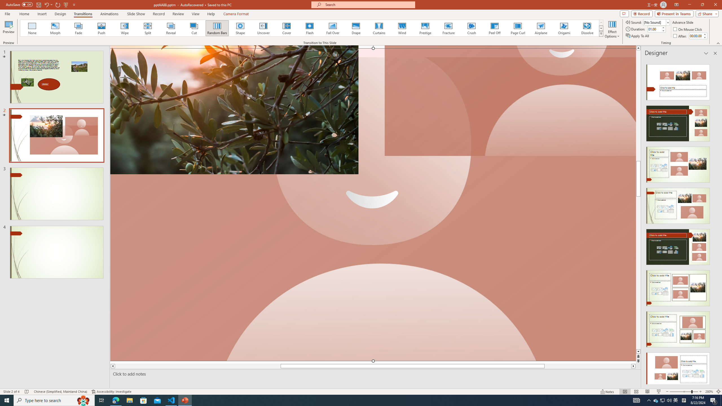 Image resolution: width=722 pixels, height=406 pixels. Describe the element at coordinates (236, 14) in the screenshot. I see `'Camera Format'` at that location.